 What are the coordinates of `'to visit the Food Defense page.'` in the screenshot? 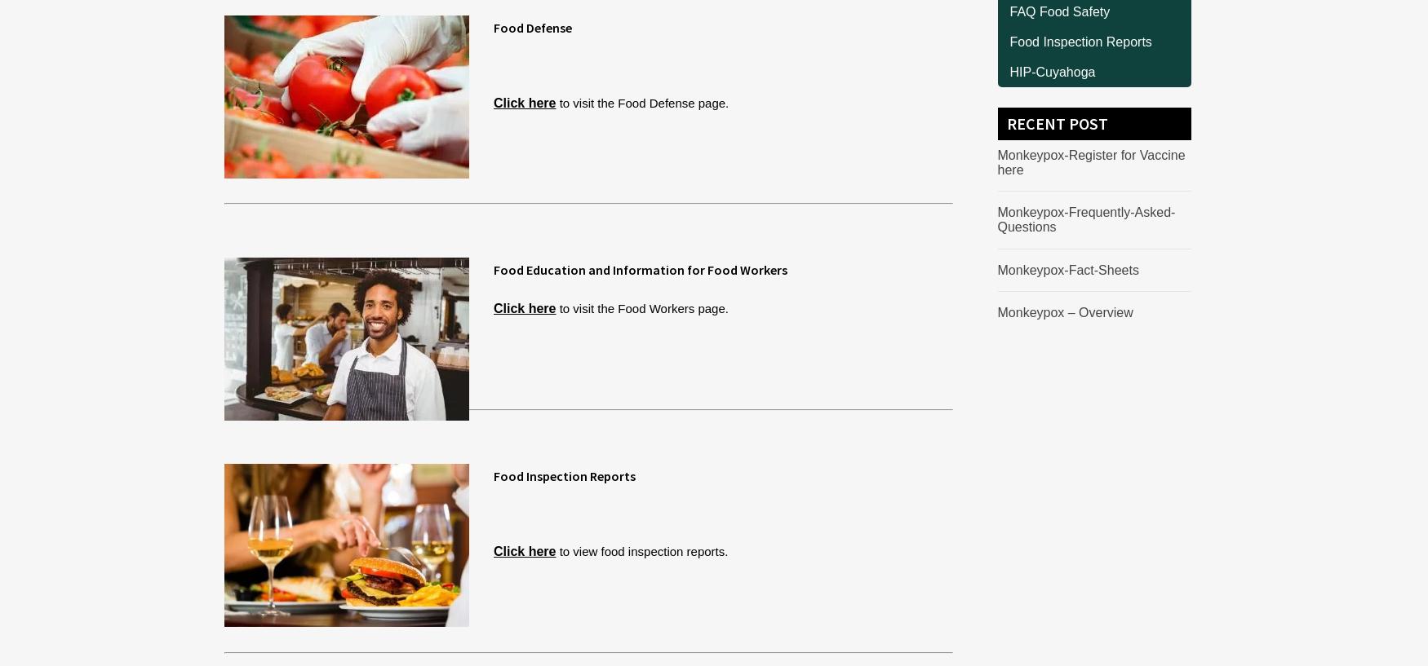 It's located at (641, 102).